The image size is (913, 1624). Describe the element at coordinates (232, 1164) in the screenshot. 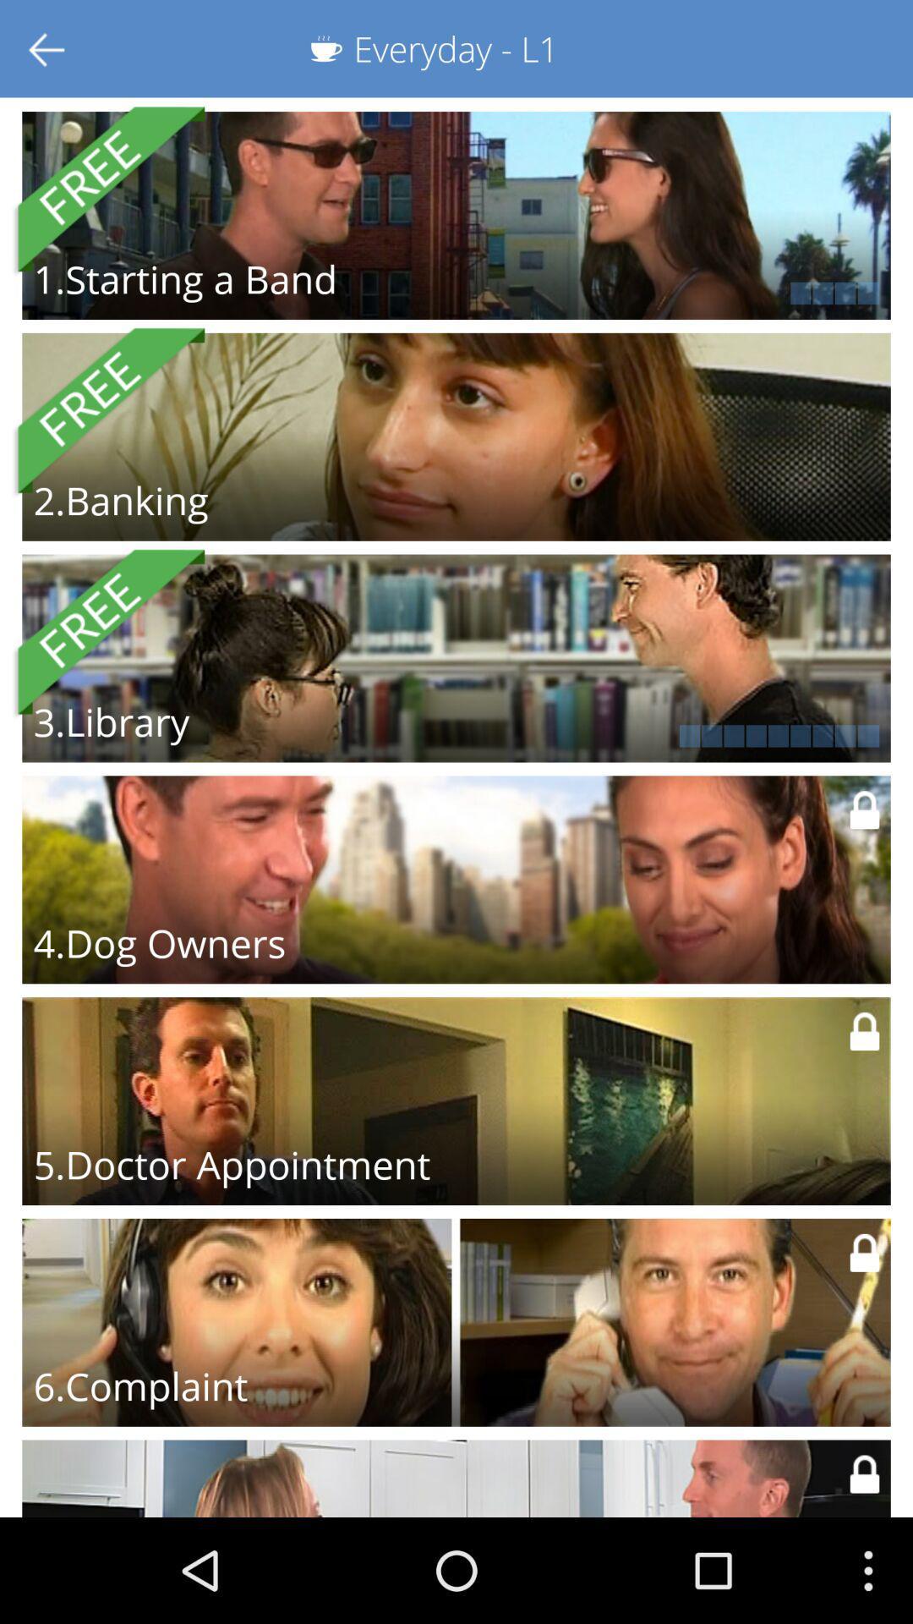

I see `5.doctor appointment item` at that location.